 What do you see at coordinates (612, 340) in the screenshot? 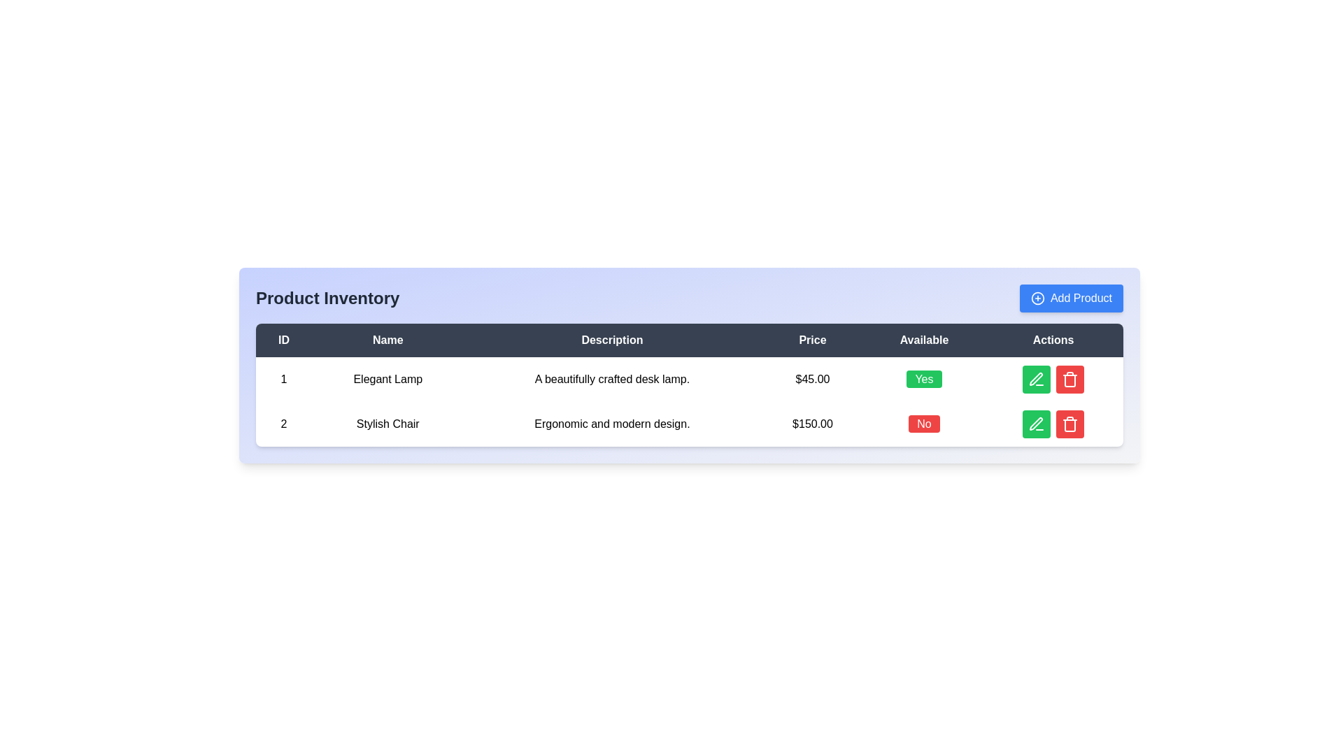
I see `the 'Description' table header, which is styled with a dark background and light-colored text, located in the third position among six headers in a single row within the table` at bounding box center [612, 340].